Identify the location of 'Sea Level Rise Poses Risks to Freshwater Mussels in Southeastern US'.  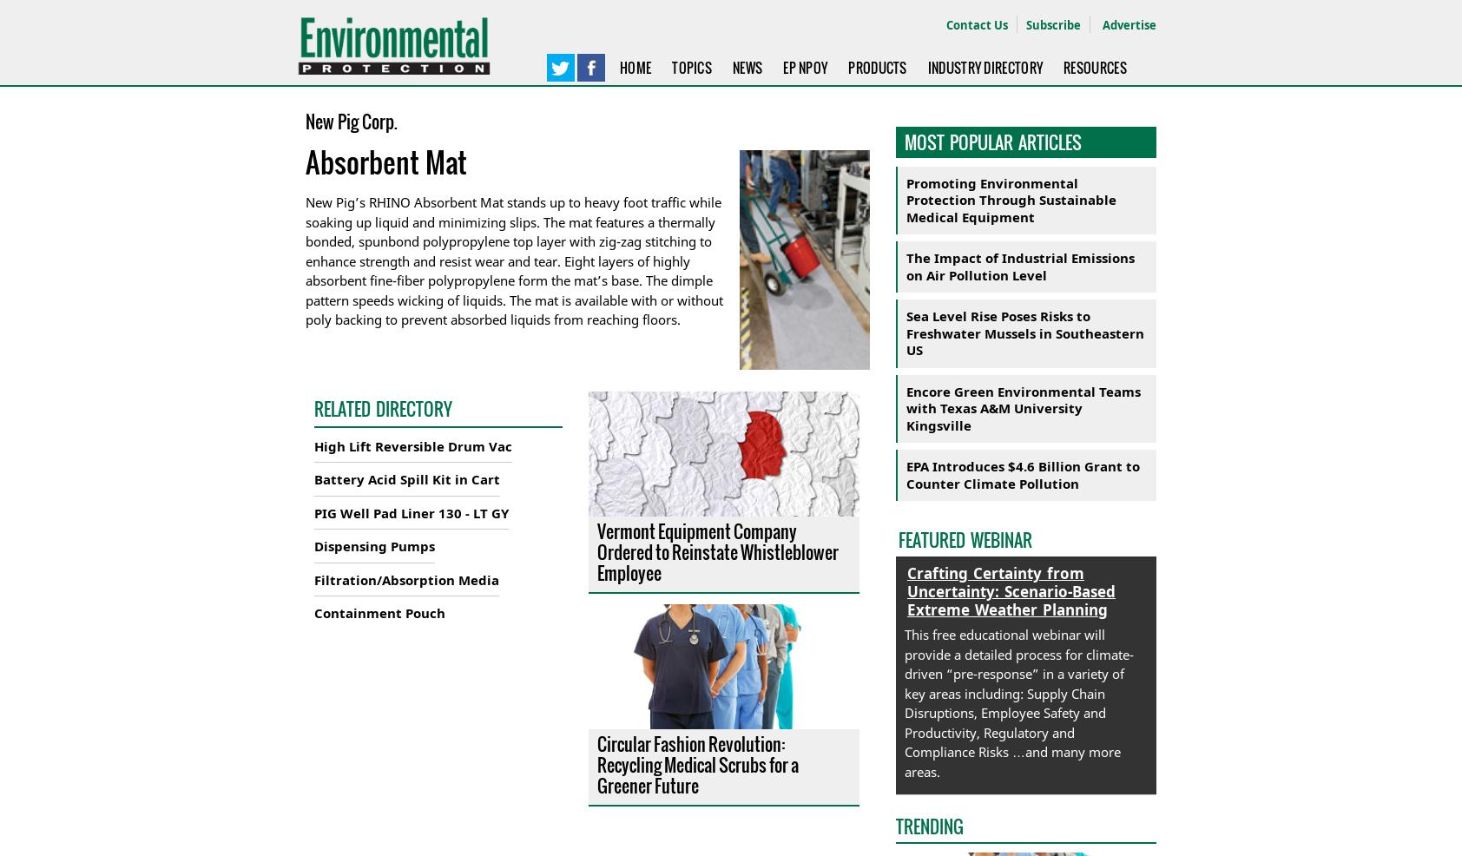
(1024, 332).